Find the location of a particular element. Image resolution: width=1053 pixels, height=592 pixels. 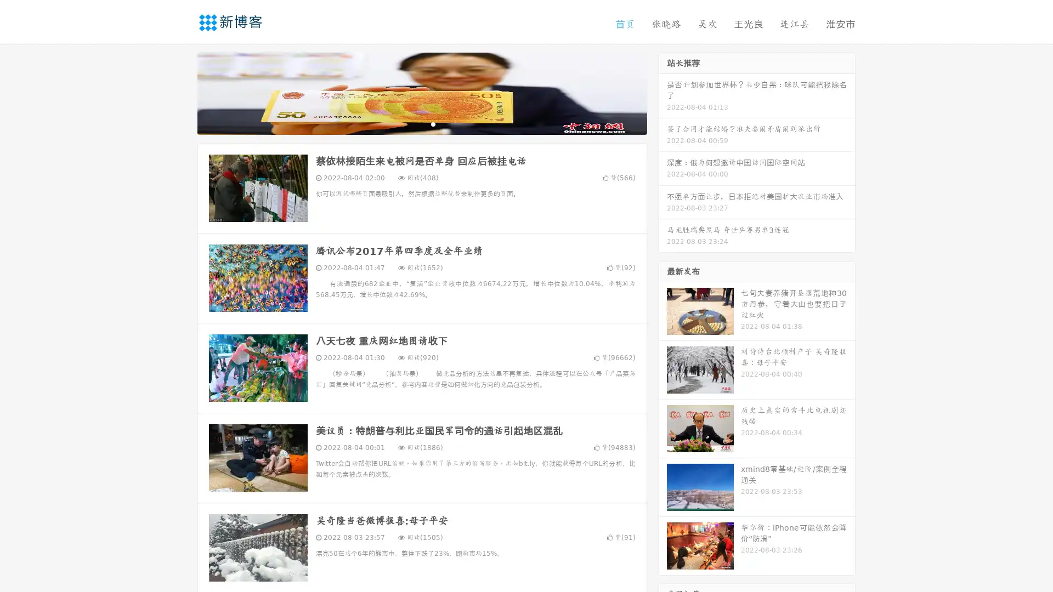

Go to slide 1 is located at coordinates (410, 123).